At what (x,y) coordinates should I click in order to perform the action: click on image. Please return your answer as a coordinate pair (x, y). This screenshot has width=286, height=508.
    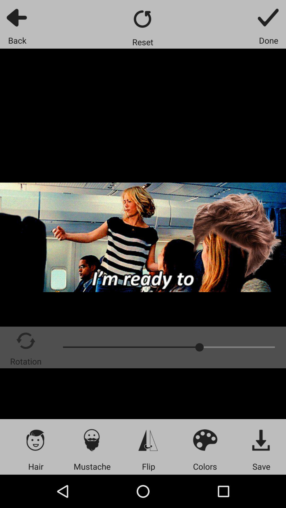
    Looking at the image, I should click on (261, 440).